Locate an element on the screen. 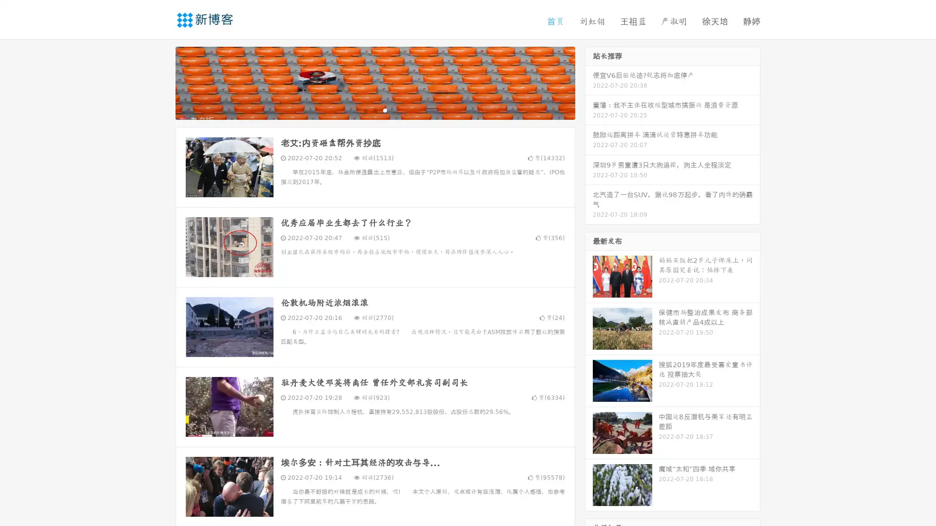 The height and width of the screenshot is (526, 936). Go to slide 2 is located at coordinates (374, 110).